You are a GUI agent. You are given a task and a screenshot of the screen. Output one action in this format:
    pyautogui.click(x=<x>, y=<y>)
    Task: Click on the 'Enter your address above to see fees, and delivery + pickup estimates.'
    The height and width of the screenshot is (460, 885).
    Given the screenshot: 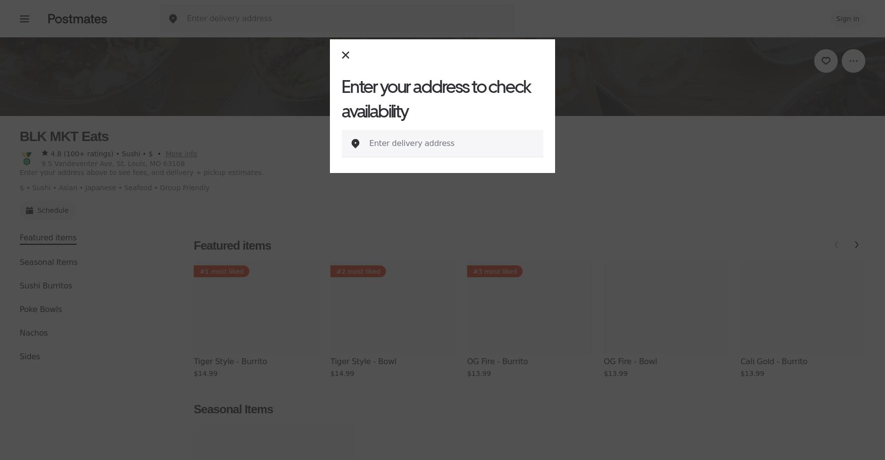 What is the action you would take?
    pyautogui.click(x=141, y=172)
    